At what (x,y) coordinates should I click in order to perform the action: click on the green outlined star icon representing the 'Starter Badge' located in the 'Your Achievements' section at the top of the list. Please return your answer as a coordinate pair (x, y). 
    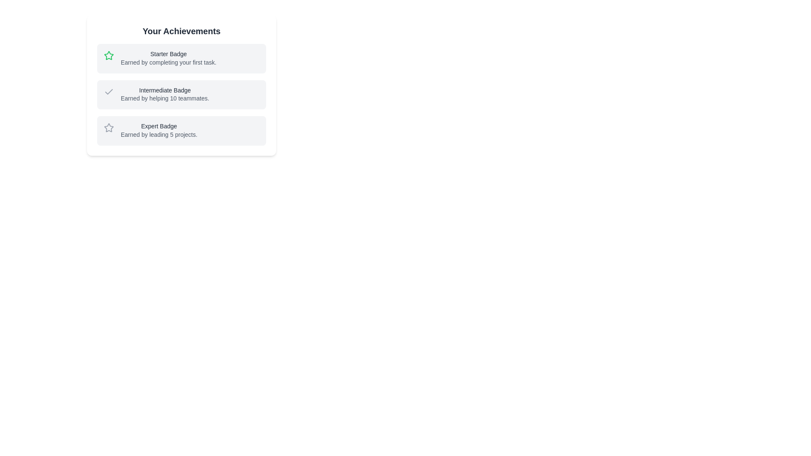
    Looking at the image, I should click on (109, 55).